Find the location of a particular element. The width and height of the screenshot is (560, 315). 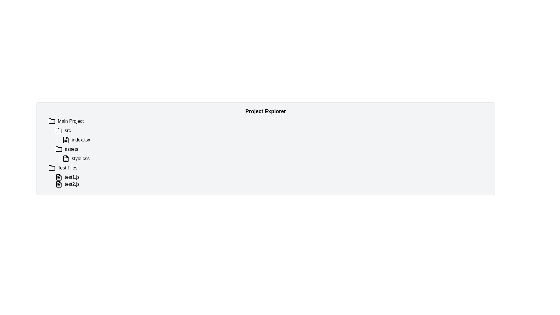

the 'index.tsx' file icon located in the 'src' folder is located at coordinates (66, 140).